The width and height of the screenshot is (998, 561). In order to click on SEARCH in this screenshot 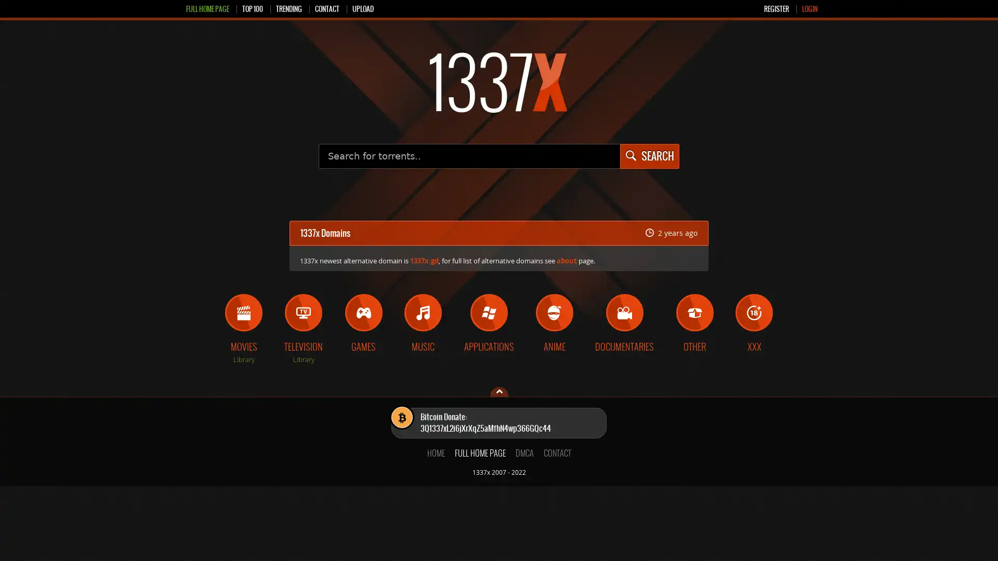, I will do `click(648, 156)`.